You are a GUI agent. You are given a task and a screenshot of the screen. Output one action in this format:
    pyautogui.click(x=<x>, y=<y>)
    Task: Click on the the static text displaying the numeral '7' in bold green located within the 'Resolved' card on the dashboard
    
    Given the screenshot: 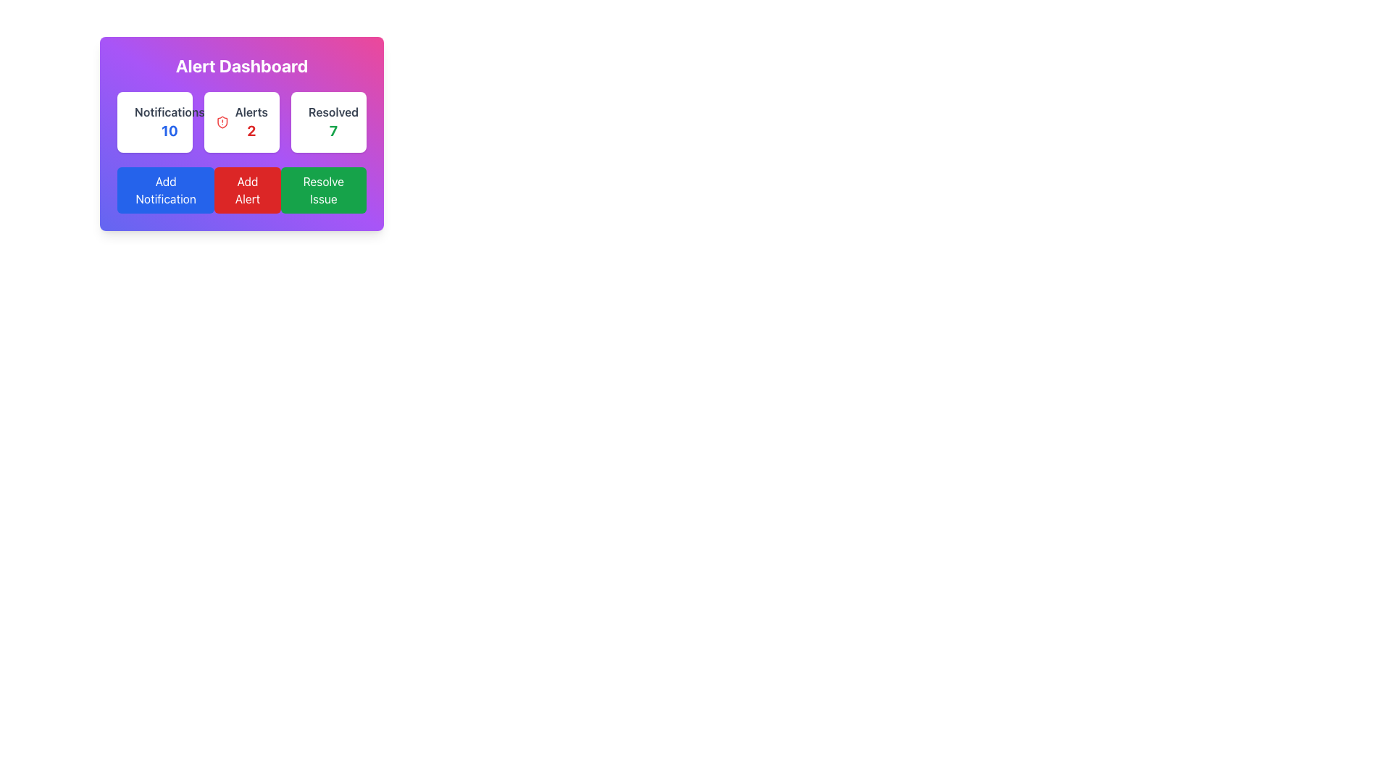 What is the action you would take?
    pyautogui.click(x=333, y=131)
    